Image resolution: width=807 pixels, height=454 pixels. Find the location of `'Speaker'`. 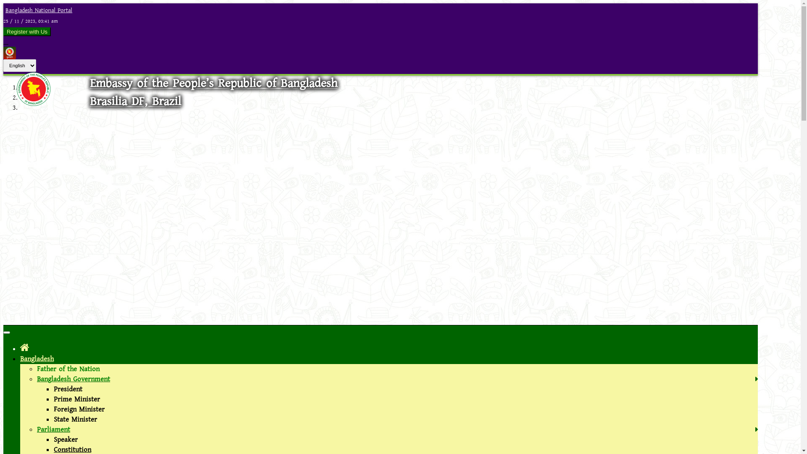

'Speaker' is located at coordinates (53, 439).